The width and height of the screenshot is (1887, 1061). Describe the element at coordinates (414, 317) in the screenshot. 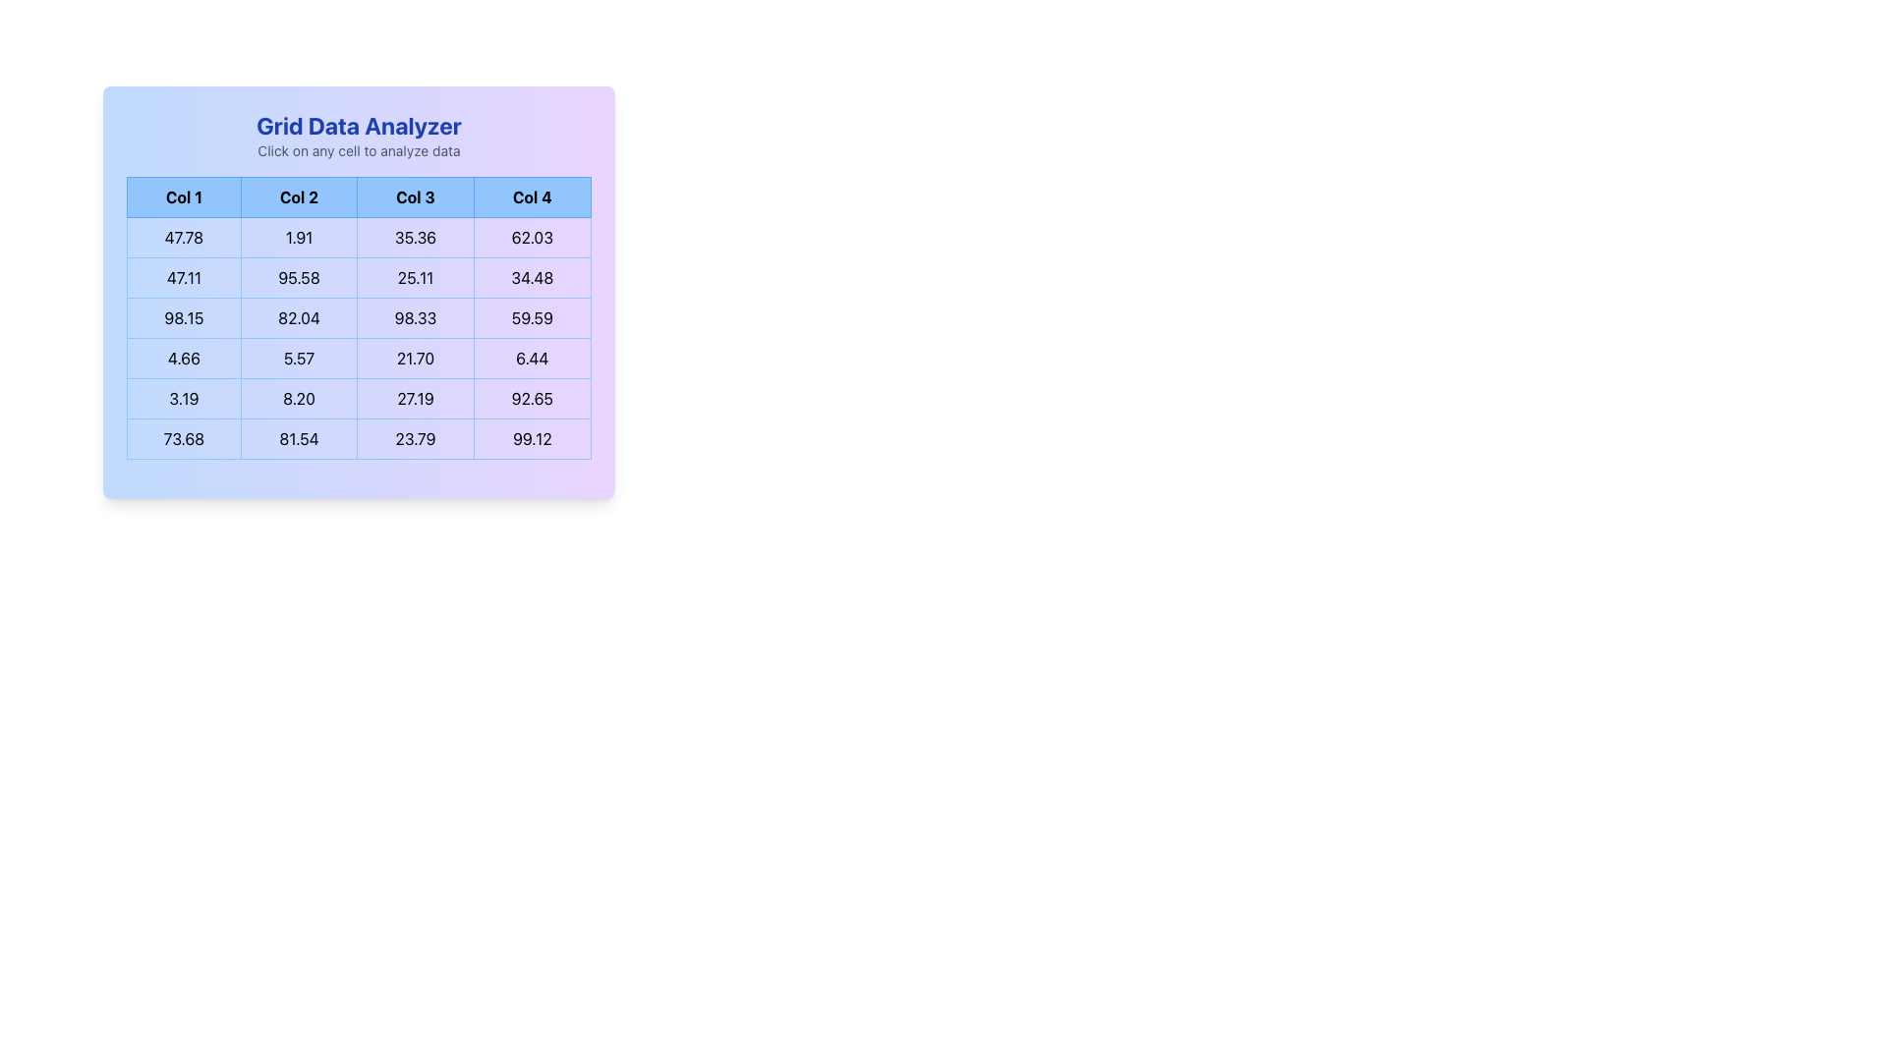

I see `the table cell displaying the numeric value '98.33'` at that location.